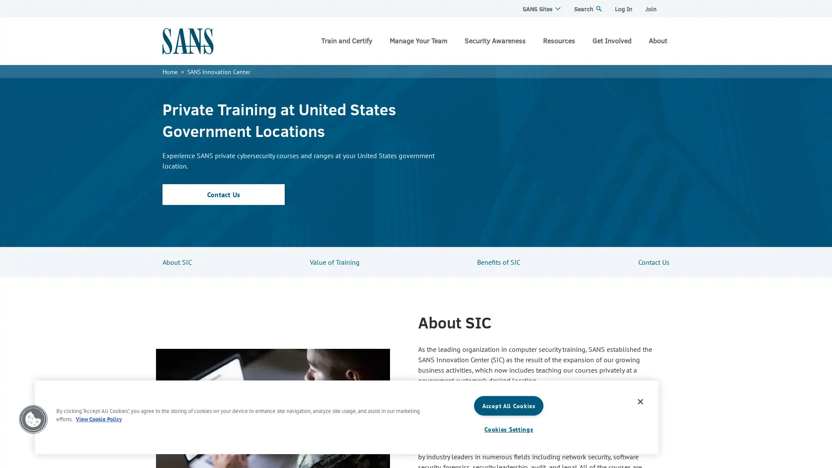  Describe the element at coordinates (509, 429) in the screenshot. I see `Cookies Settings` at that location.